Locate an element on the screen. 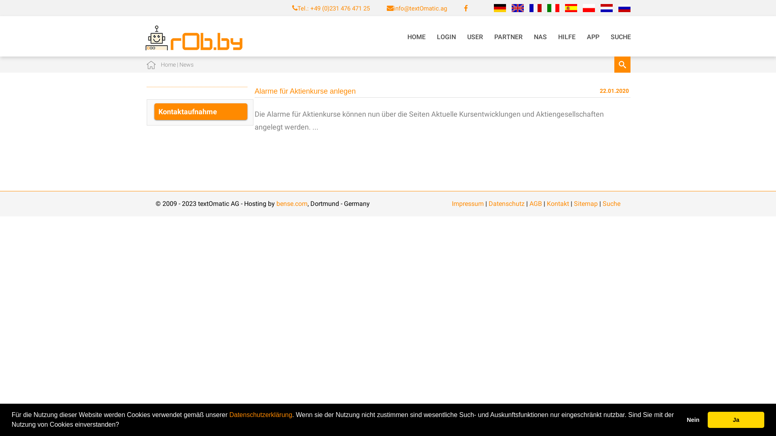 This screenshot has width=776, height=436. '| News' is located at coordinates (184, 64).